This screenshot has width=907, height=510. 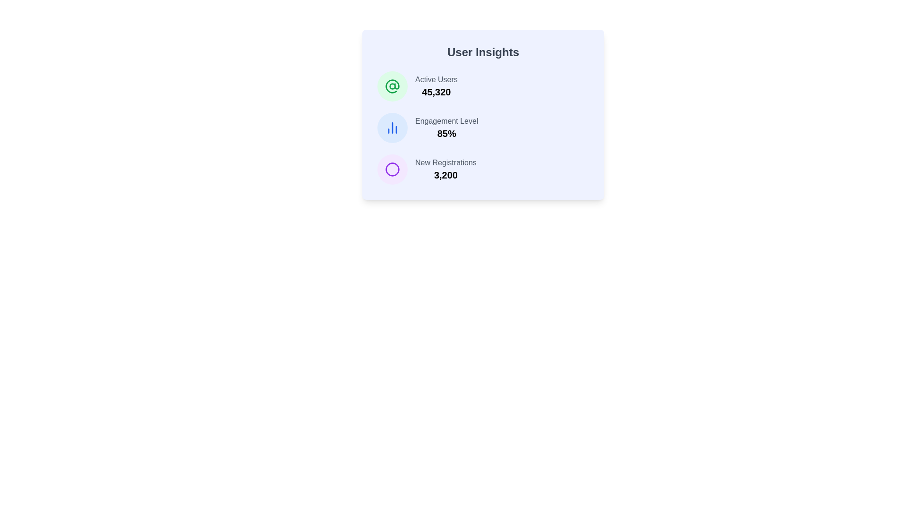 I want to click on the numeric value '45,320' displayed in a bold and large font within the 'User Insights' panel, located below the 'Active Users' text, so click(x=436, y=92).